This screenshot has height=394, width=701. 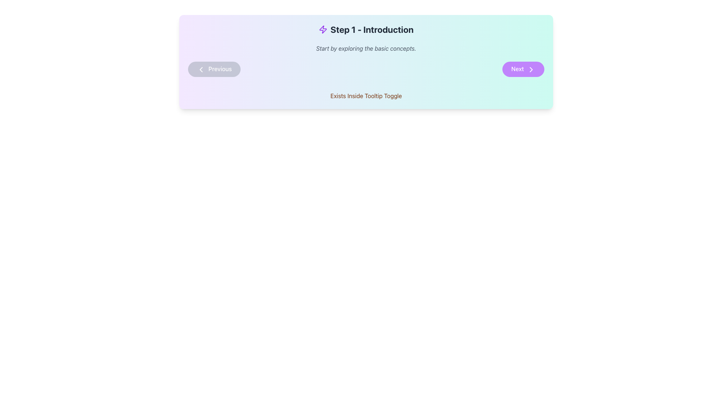 I want to click on instructional text element that says 'Start by exploring the basic concepts.' which is styled in italicized medium gray text and is positioned beneath the heading 'Step 1 - Introduction', so click(x=366, y=48).